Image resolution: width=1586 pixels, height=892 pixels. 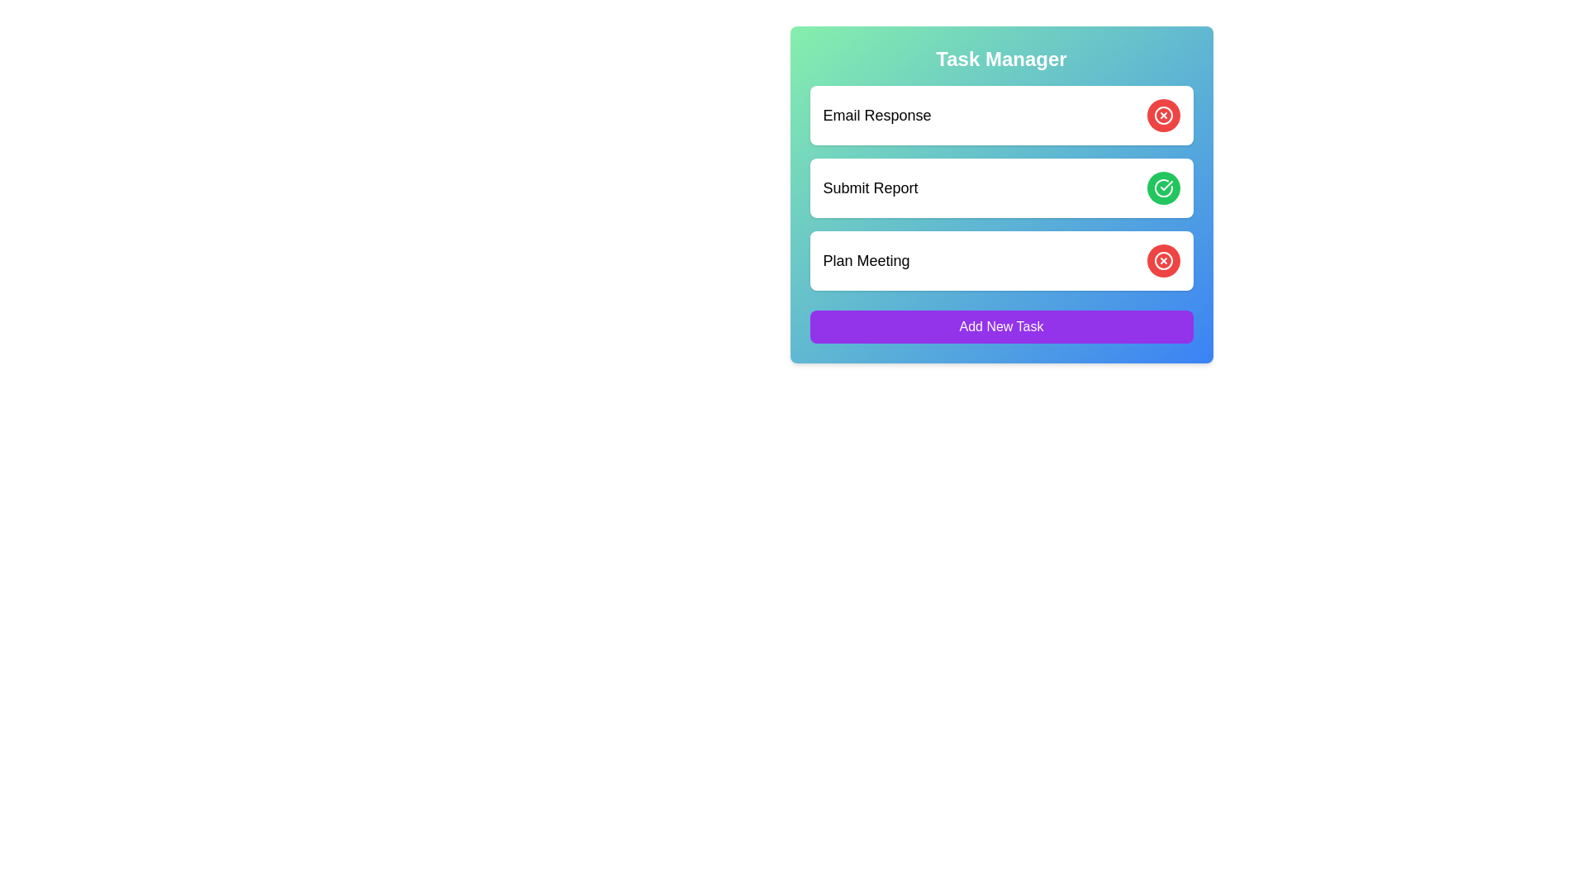 What do you see at coordinates (1000, 327) in the screenshot?
I see `the 'Add New Task' button to add a new task` at bounding box center [1000, 327].